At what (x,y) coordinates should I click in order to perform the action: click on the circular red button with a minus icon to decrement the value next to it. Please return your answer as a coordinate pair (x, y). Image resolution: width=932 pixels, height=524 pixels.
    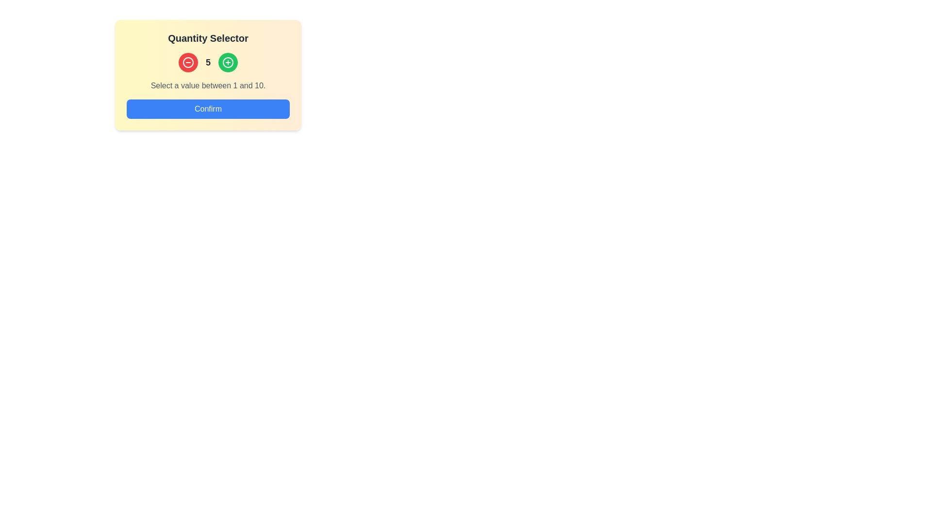
    Looking at the image, I should click on (188, 62).